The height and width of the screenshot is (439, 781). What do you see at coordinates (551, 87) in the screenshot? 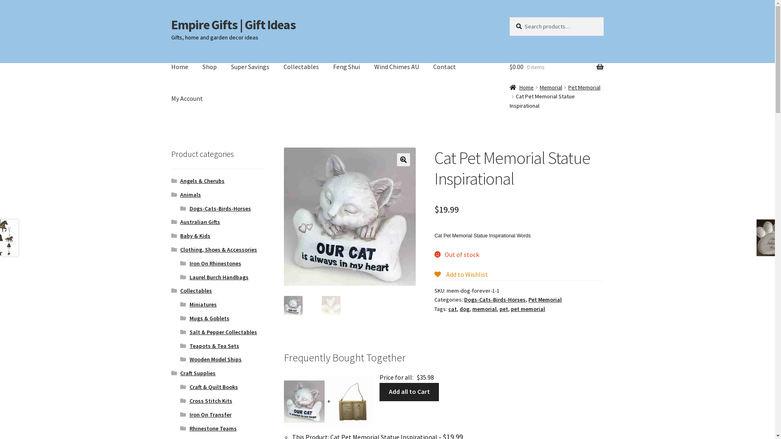
I see `'Memorial'` at bounding box center [551, 87].